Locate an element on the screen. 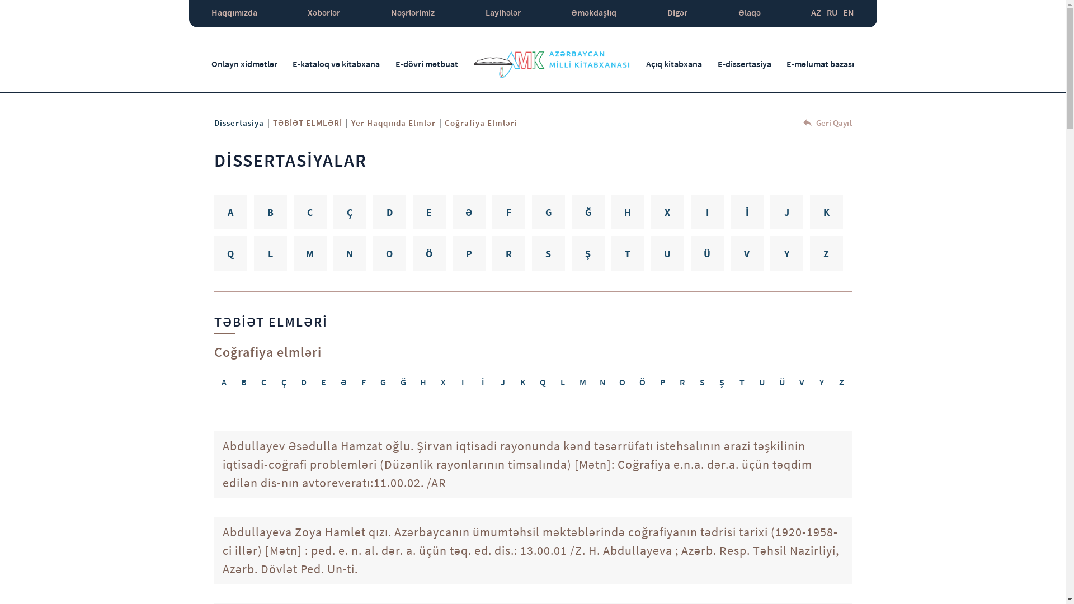 This screenshot has width=1074, height=604. 'B' is located at coordinates (253, 211).